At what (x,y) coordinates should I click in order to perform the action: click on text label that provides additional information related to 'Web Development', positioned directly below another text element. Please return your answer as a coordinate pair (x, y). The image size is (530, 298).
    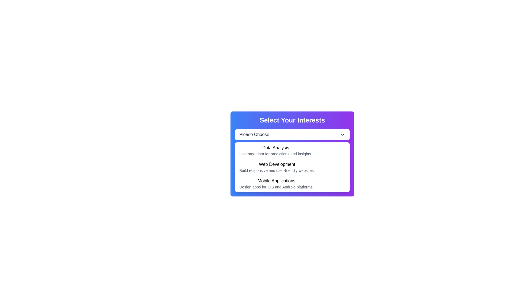
    Looking at the image, I should click on (277, 170).